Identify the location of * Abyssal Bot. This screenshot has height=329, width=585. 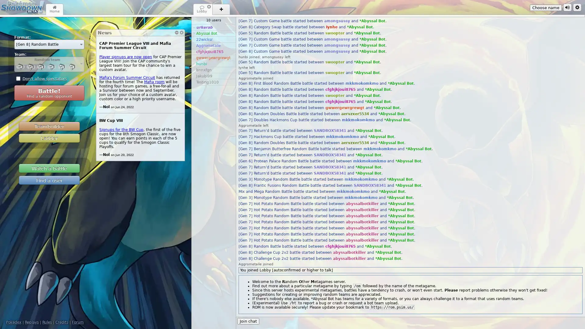
(214, 33).